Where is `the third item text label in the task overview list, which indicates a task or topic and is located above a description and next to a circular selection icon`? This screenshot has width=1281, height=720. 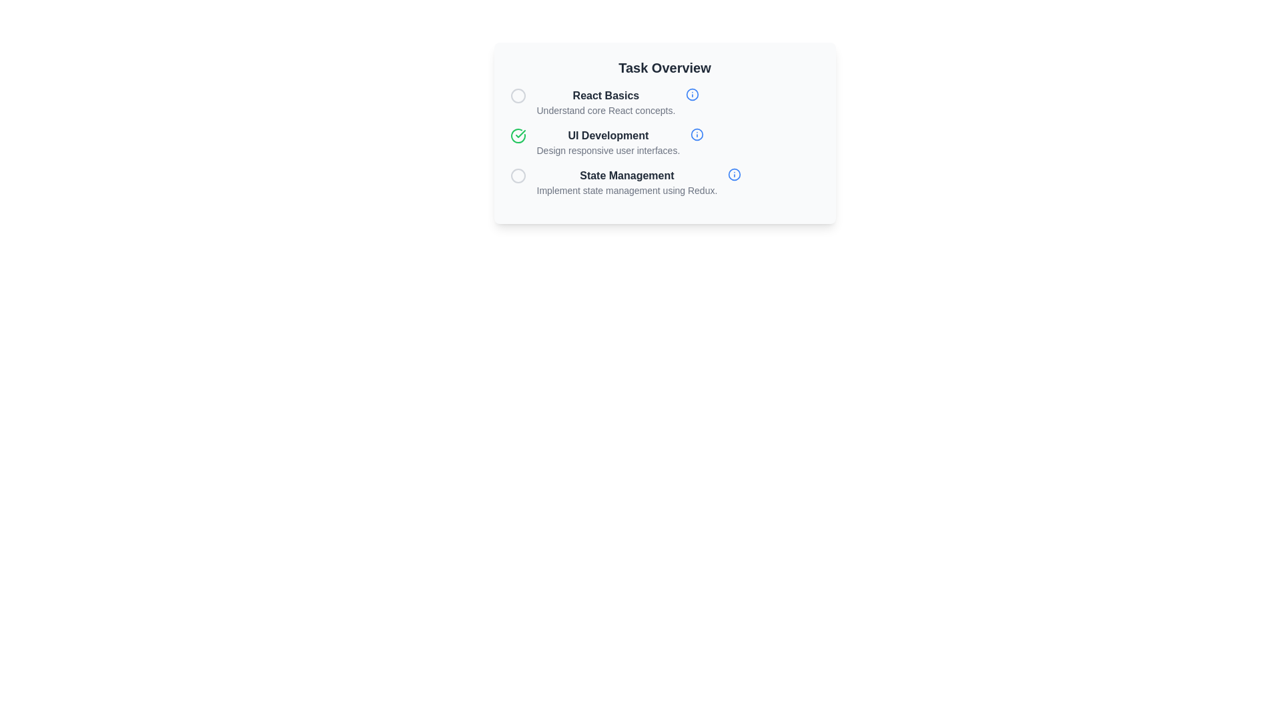
the third item text label in the task overview list, which indicates a task or topic and is located above a description and next to a circular selection icon is located at coordinates (626, 175).